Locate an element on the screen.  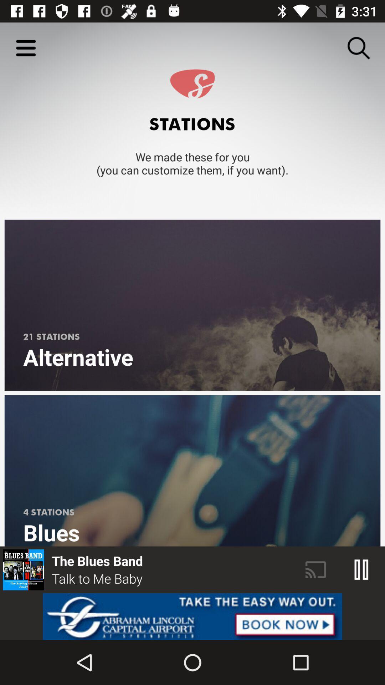
the pause icon is located at coordinates (361, 569).